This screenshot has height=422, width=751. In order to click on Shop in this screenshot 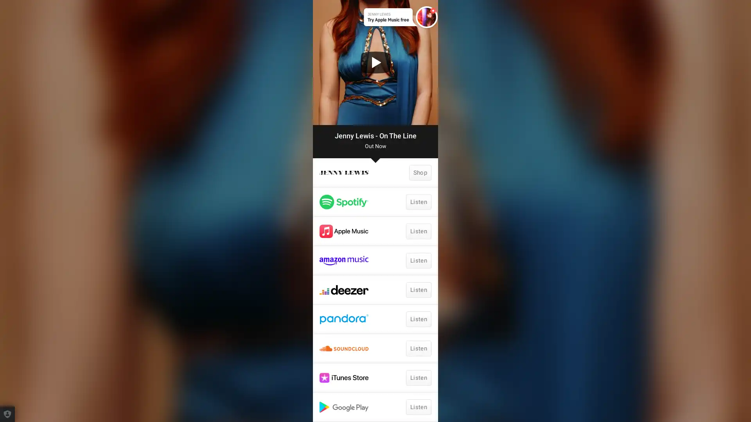, I will do `click(420, 172)`.